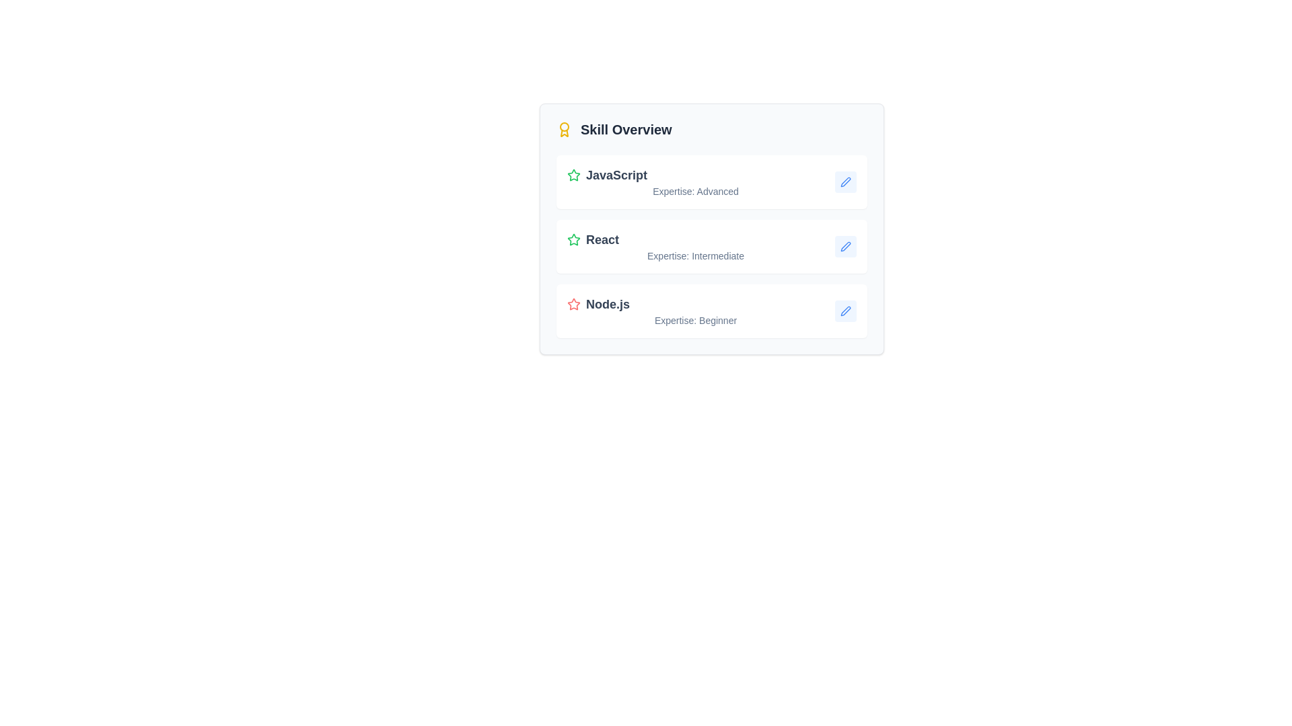 The height and width of the screenshot is (726, 1292). Describe the element at coordinates (845, 246) in the screenshot. I see `the SVG icon styled as a pen located within the second item of the vertical list in the 'Skill Overview' panel` at that location.